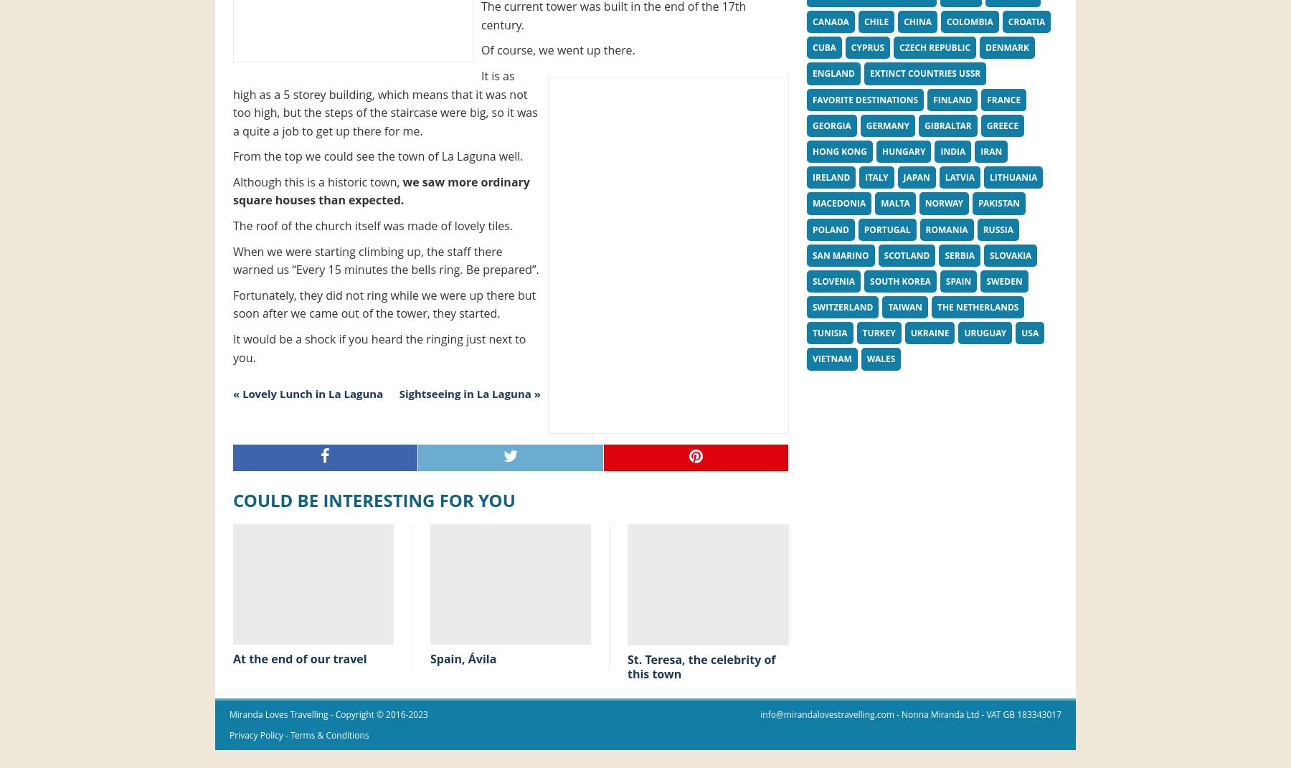 The image size is (1291, 768). I want to click on 'It is as high as a 5 storey building, which means that it was not too high, but the steps of the staircase were big, so it was a quite a job to get up there for me.', so click(384, 103).